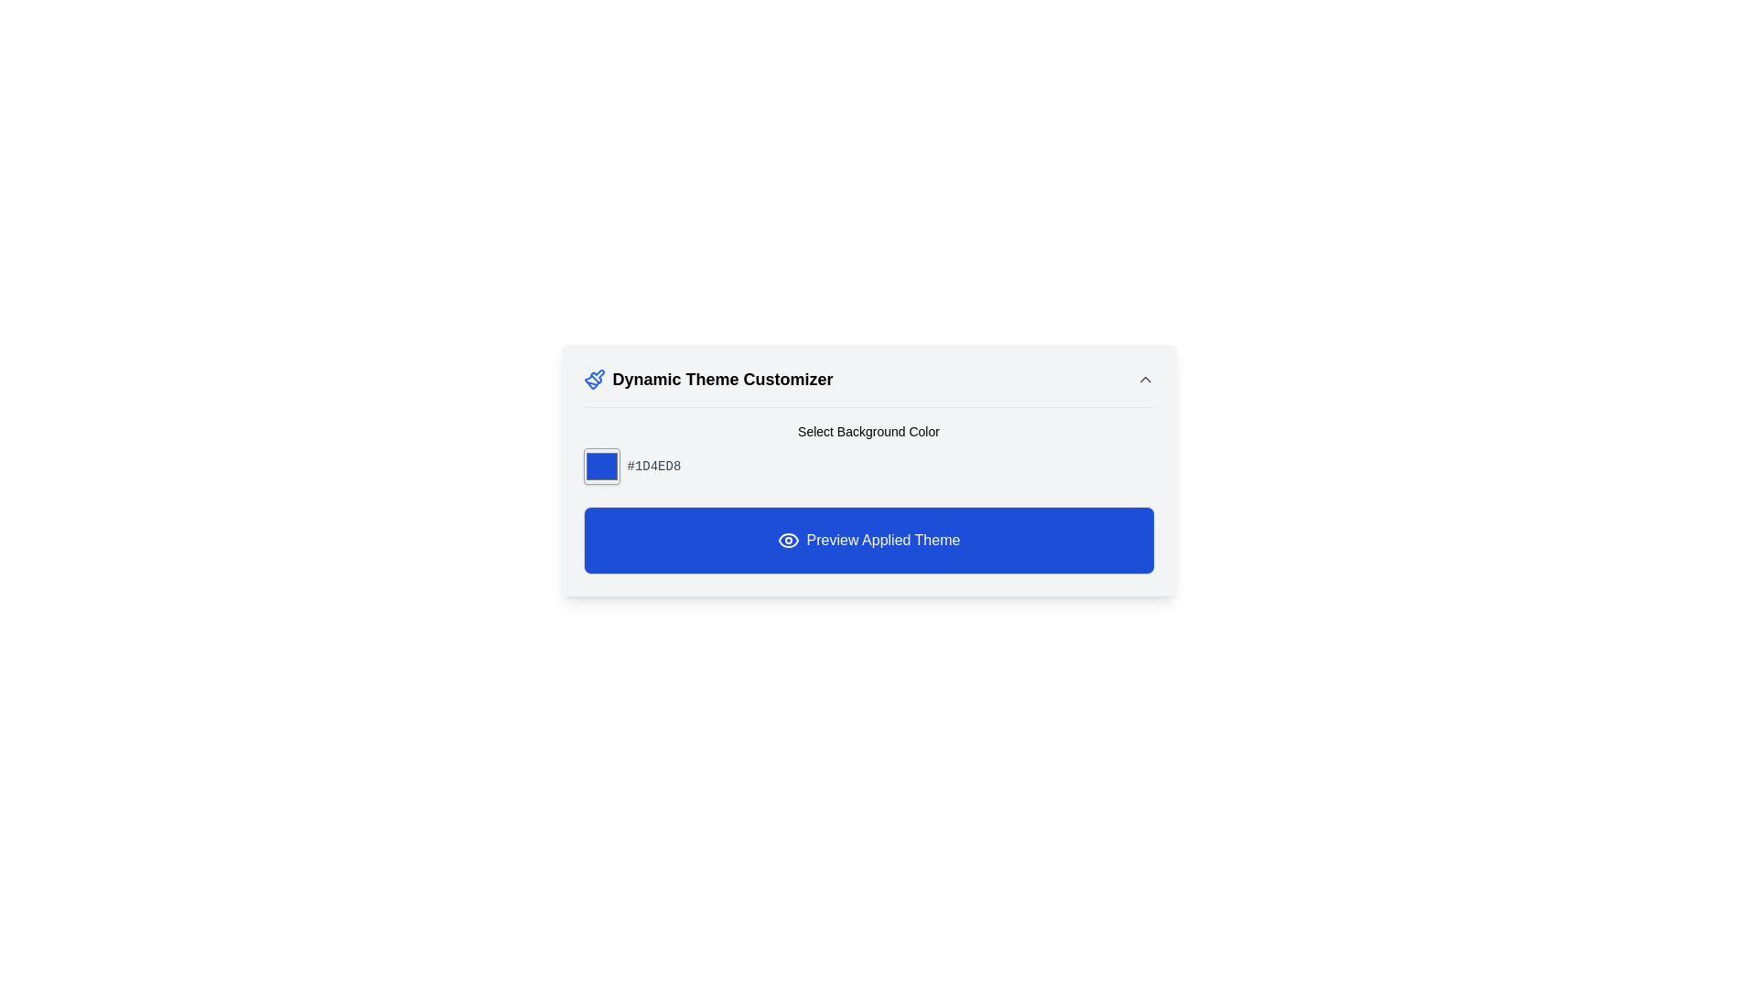  I want to click on the button labeled 'Preview Applied Theme' that features a blue background and an eye icon, located beneath a color display box with the value '#1D4ED8', so click(868, 539).